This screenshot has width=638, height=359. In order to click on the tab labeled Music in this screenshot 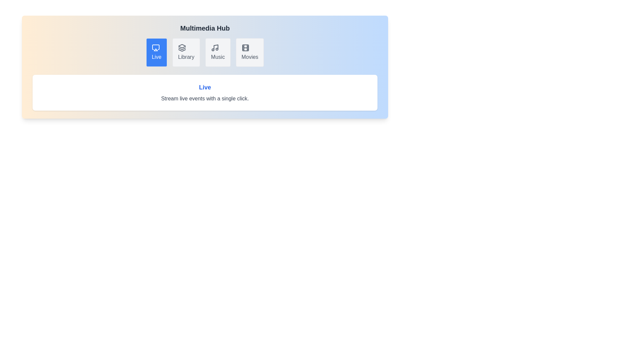, I will do `click(217, 52)`.